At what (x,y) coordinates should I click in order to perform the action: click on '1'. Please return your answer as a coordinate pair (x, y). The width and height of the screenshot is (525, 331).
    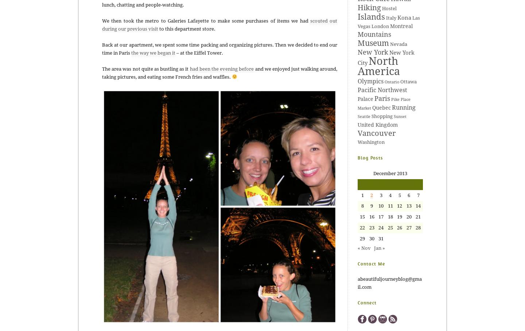
    Looking at the image, I should click on (362, 195).